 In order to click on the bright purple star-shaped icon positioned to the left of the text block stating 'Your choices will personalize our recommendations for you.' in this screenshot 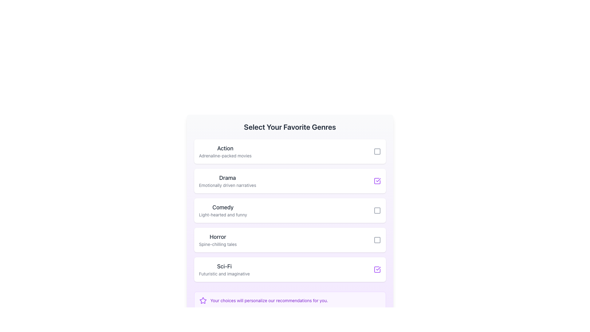, I will do `click(203, 300)`.